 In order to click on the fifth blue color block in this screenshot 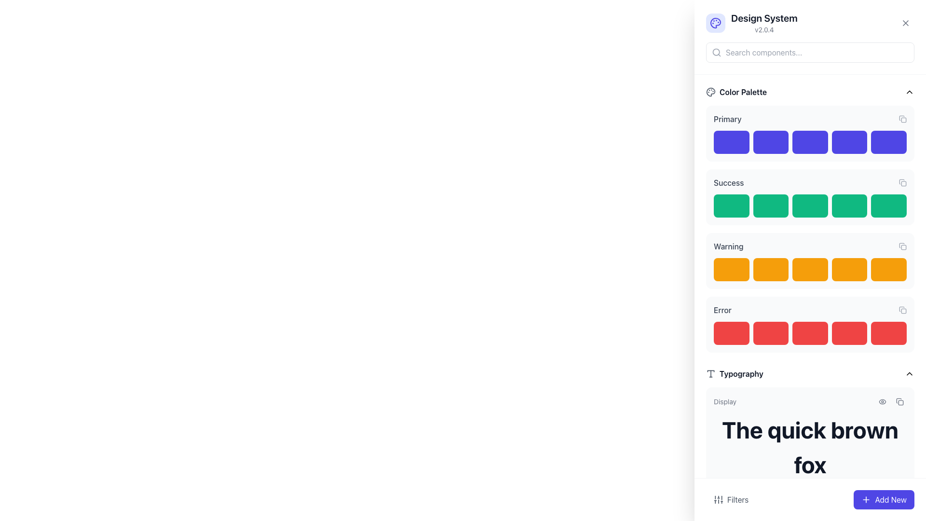, I will do `click(888, 142)`.